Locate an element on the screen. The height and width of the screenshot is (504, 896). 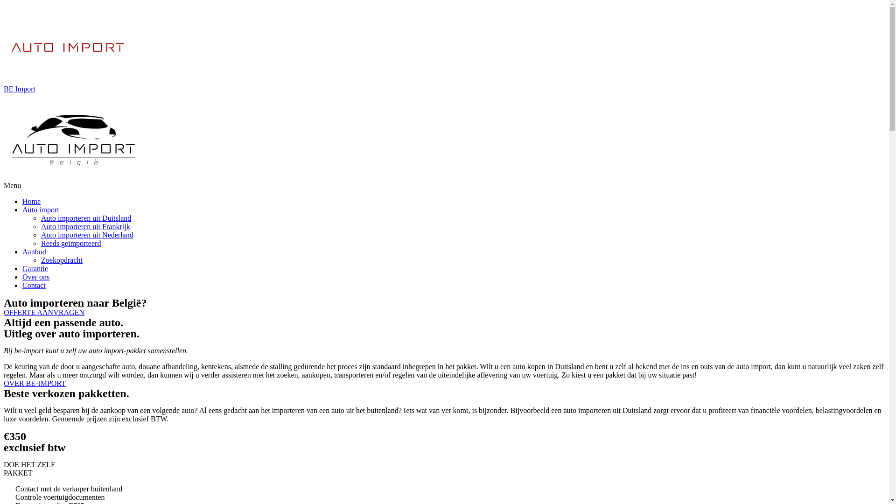
'OVER BE-IMPORT' is located at coordinates (35, 383).